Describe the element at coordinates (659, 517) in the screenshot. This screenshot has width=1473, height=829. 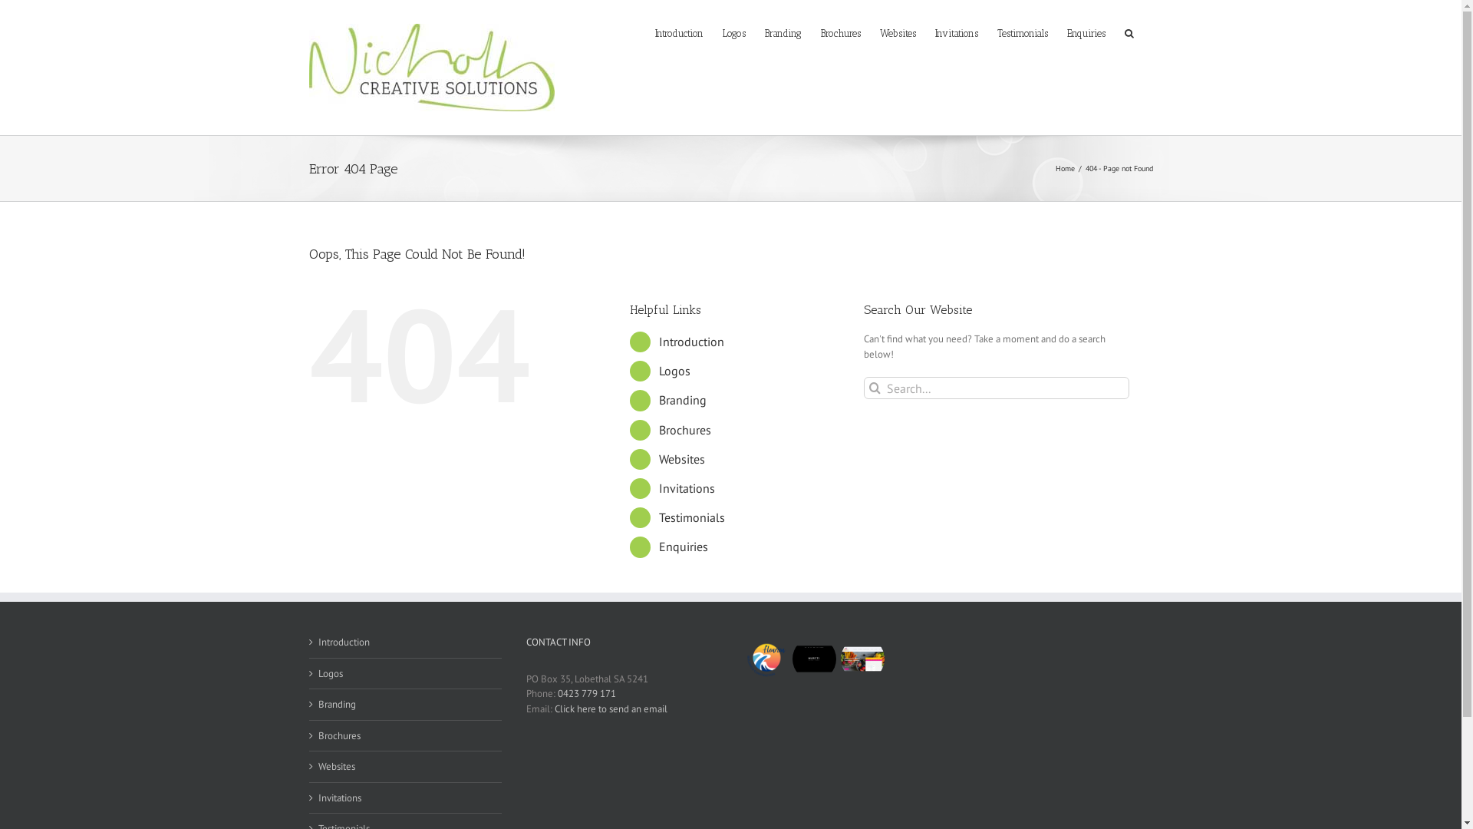
I see `'Testimonials'` at that location.